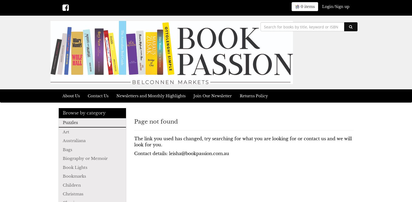 This screenshot has width=412, height=202. I want to click on 'The link you used has changed, try searching for what you are looking for or contact us and we will look for you.', so click(243, 141).